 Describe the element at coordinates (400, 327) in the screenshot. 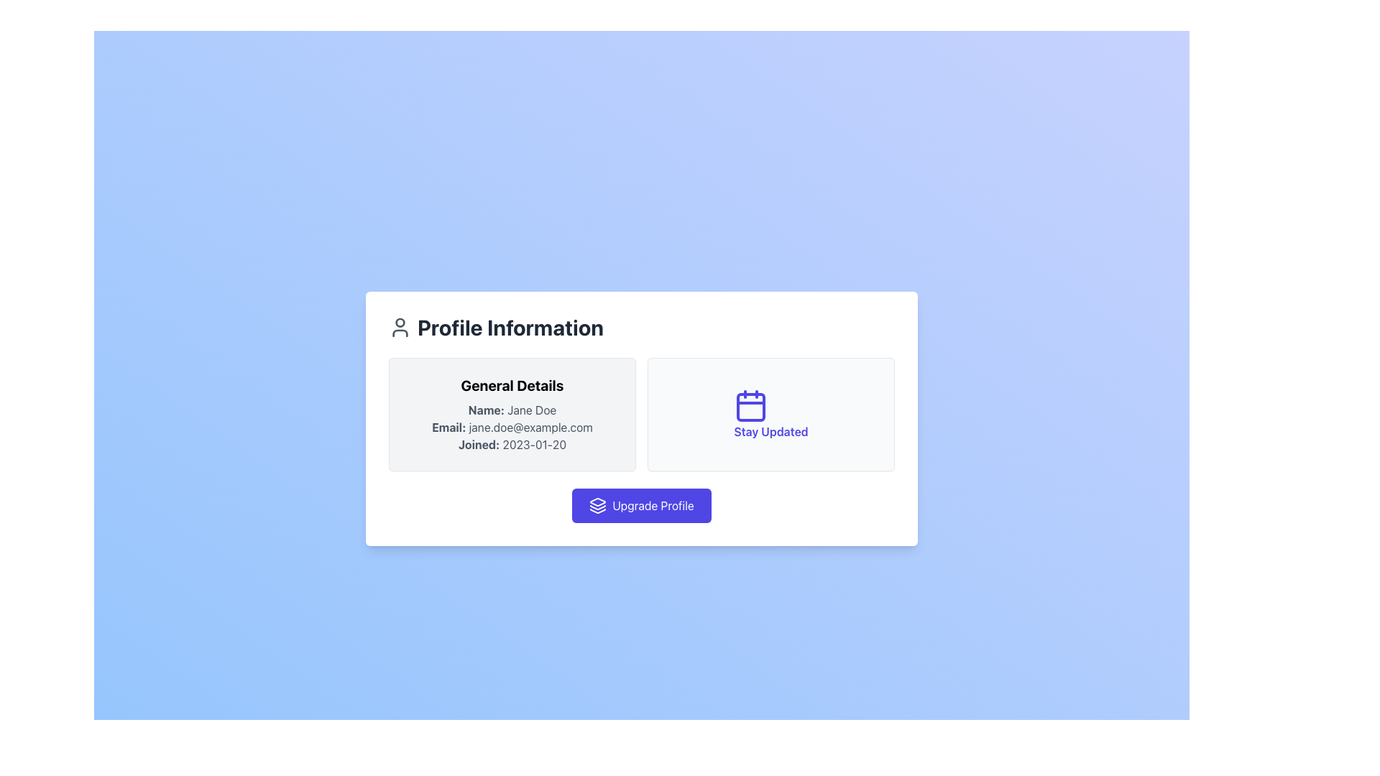

I see `the user profile SVG icon located at the top-left corner of the 'Profile Information' section` at that location.